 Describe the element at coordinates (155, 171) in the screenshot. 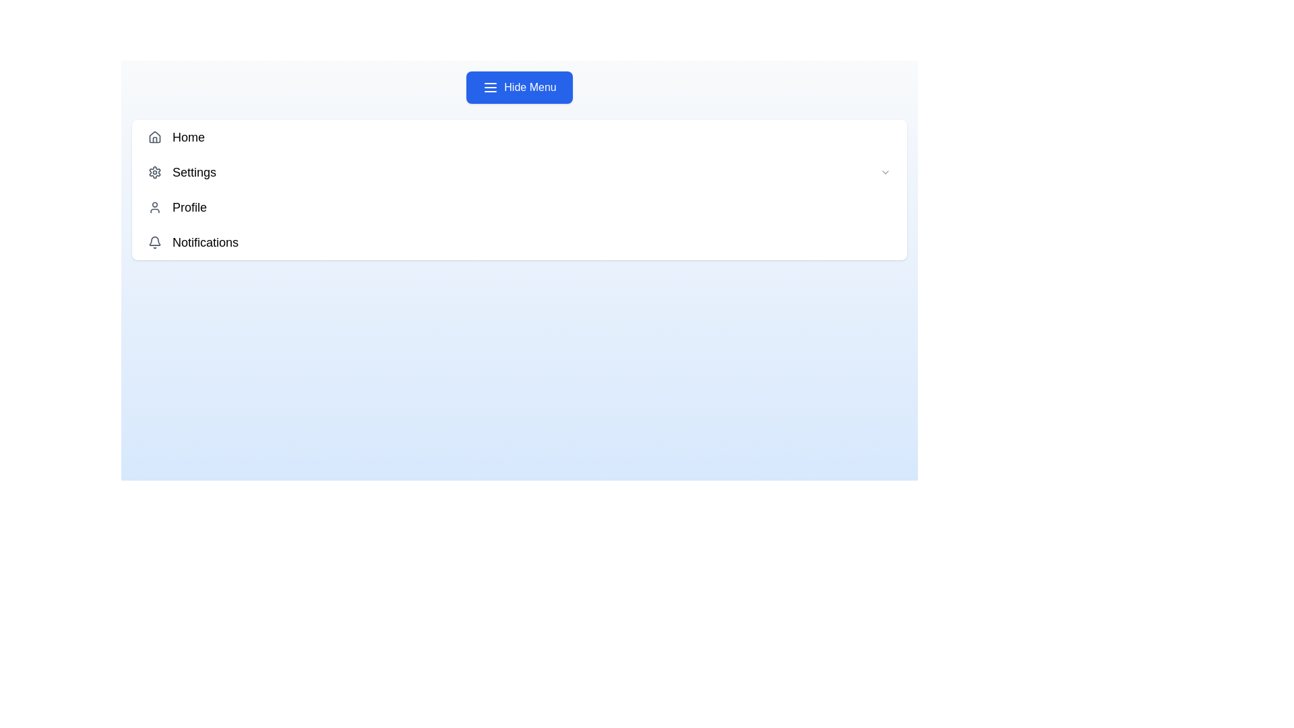

I see `the gray gear icon associated with settings, located in the dropdown menu next to the 'Settings' label to trigger tooltips or animations` at that location.